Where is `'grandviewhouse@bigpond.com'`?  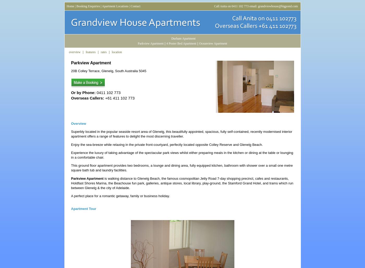 'grandviewhouse@bigpond.com' is located at coordinates (278, 6).